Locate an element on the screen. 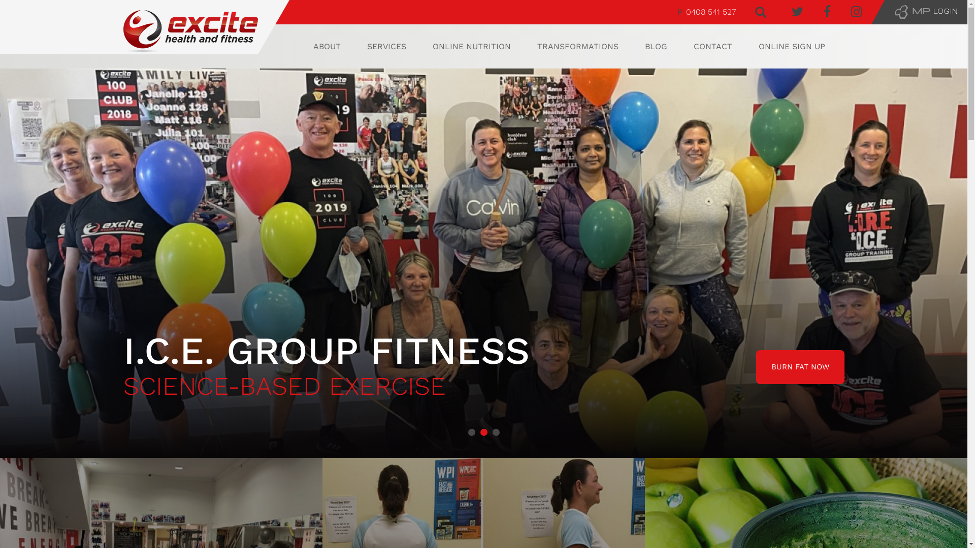 The image size is (975, 548). 'Next' is located at coordinates (953, 263).